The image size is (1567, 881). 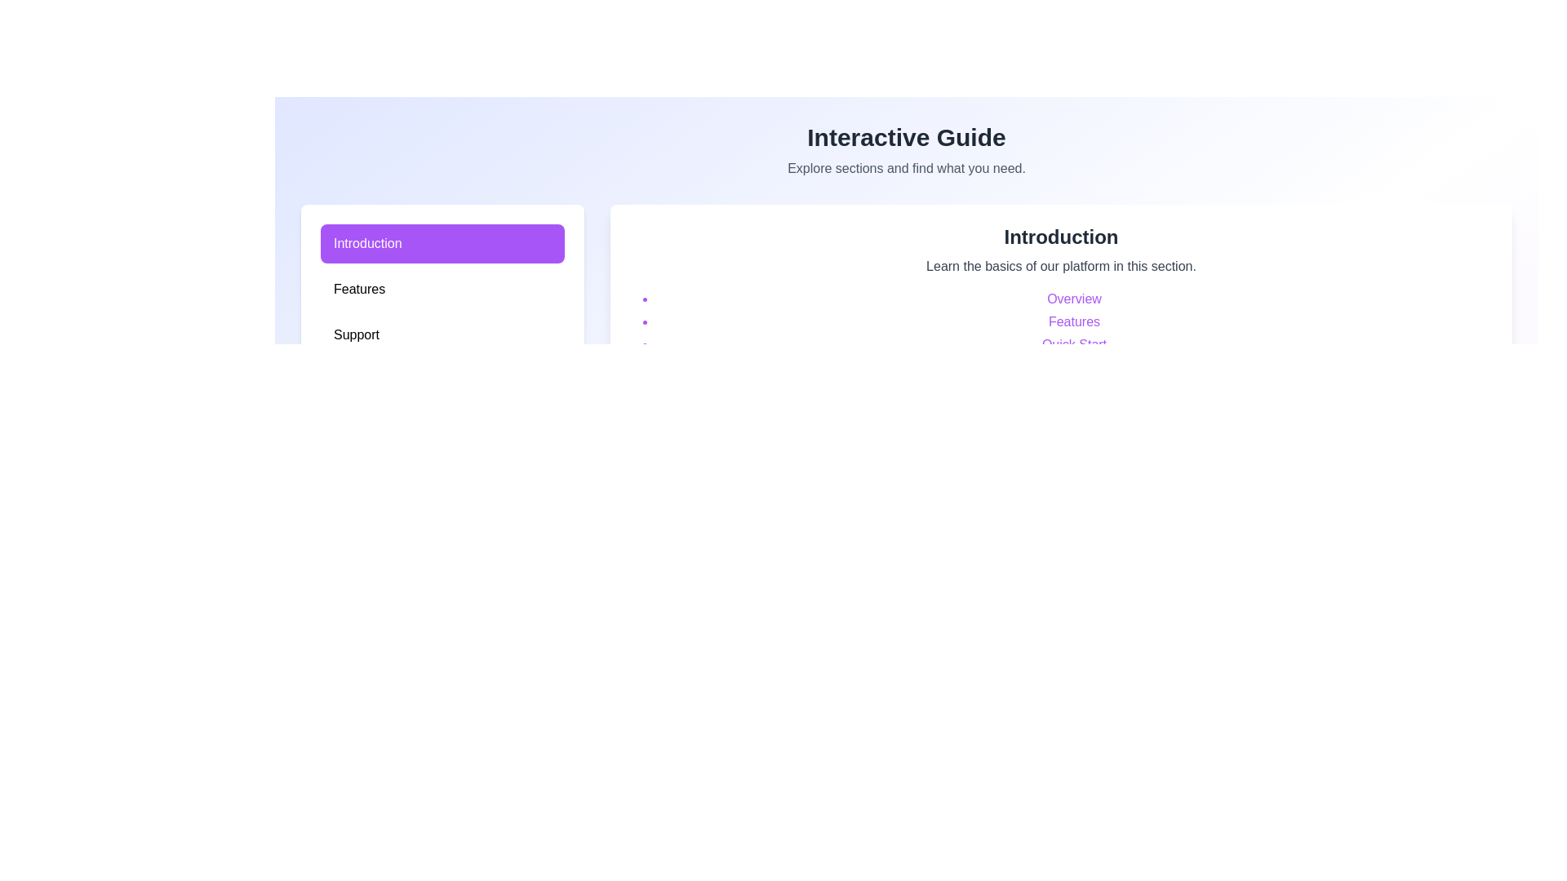 What do you see at coordinates (1074, 321) in the screenshot?
I see `the 'Features' text label, which is the second item in a vertical list under the 'Introduction' section of the guide` at bounding box center [1074, 321].